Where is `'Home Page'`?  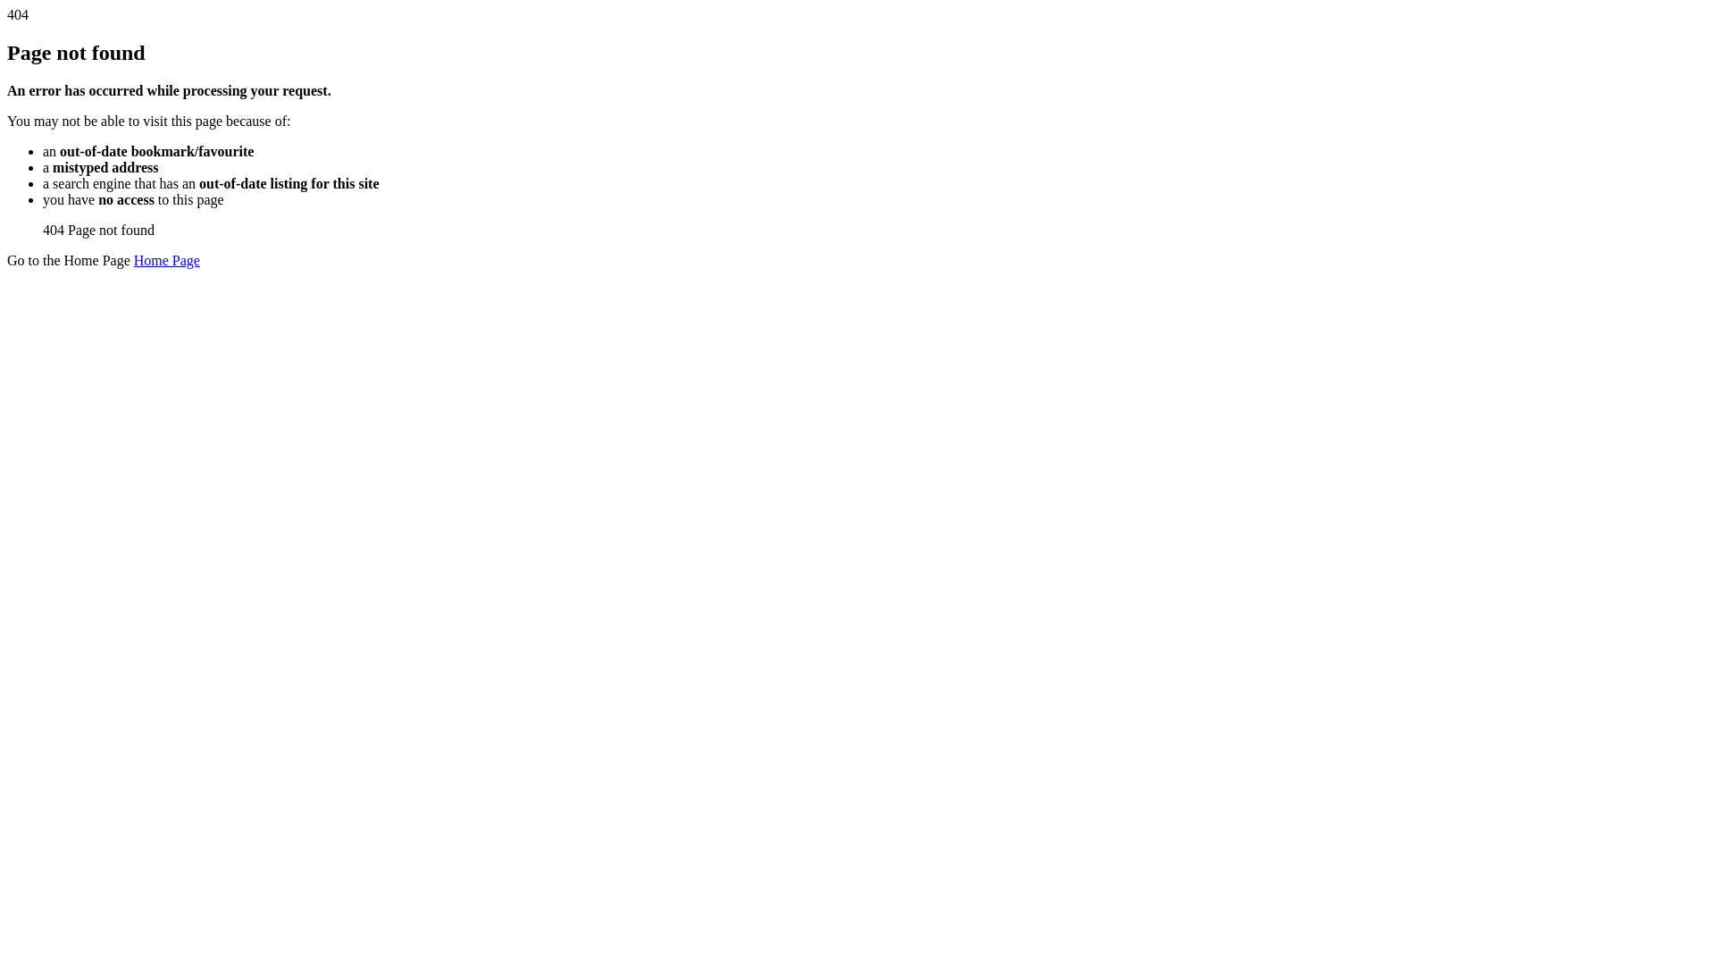 'Home Page' is located at coordinates (167, 260).